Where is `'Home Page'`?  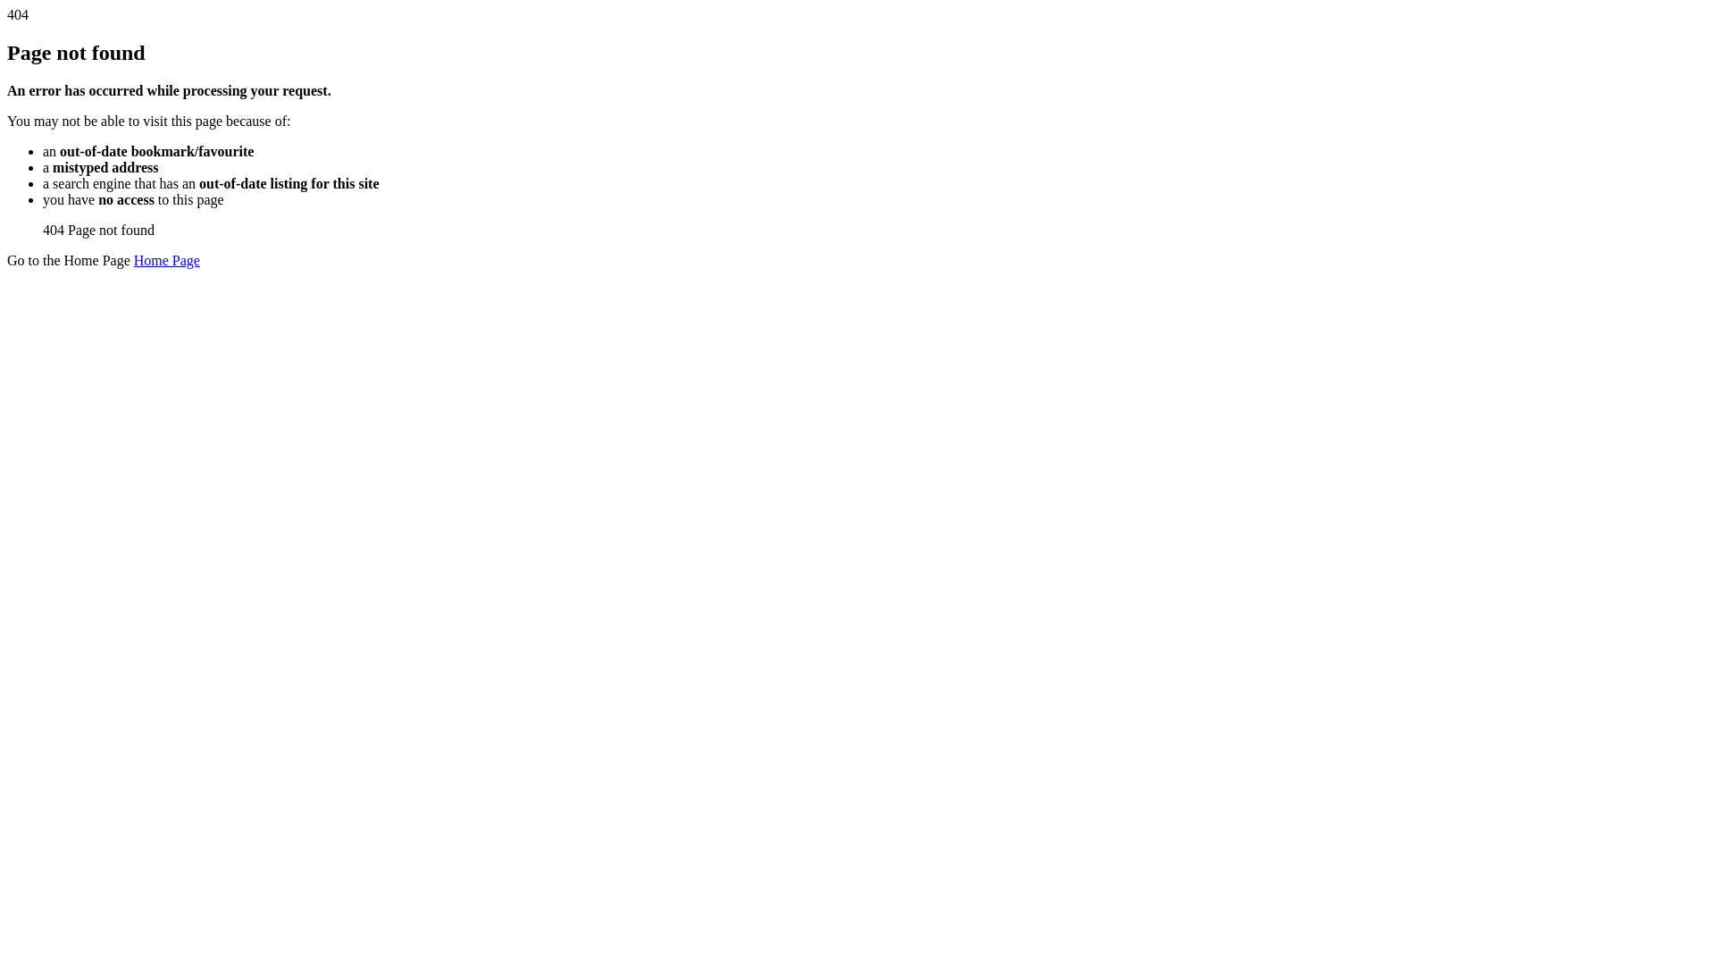 'Home Page' is located at coordinates (167, 260).